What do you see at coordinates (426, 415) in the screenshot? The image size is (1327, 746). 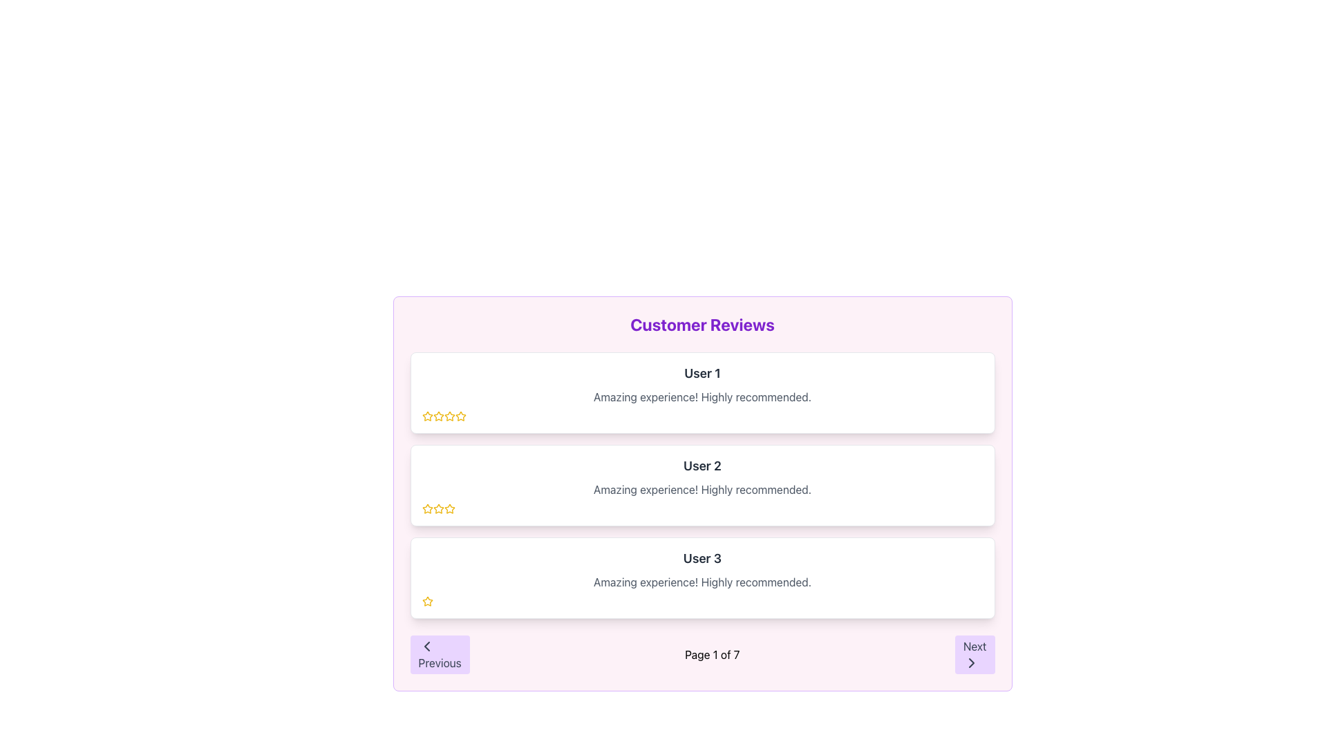 I see `the first rating star icon in User 1's review, which is a yellow outlined star with a transparent center` at bounding box center [426, 415].